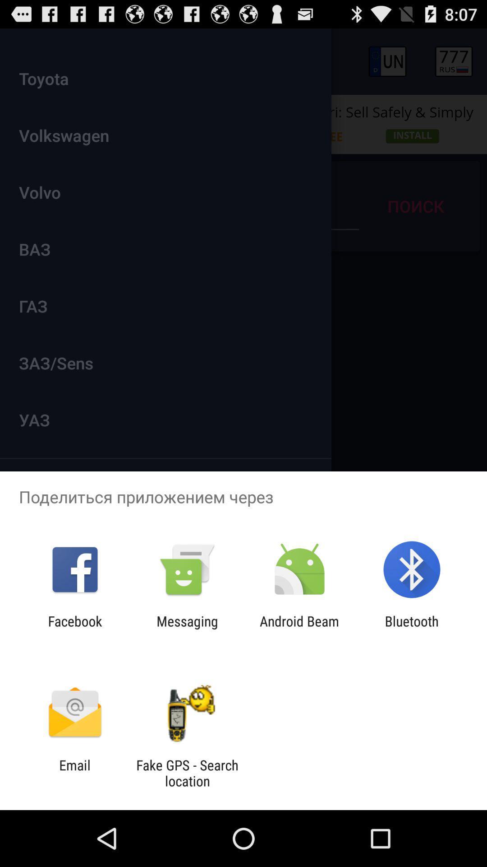 The width and height of the screenshot is (487, 867). What do you see at coordinates (74, 773) in the screenshot?
I see `app to the left of the fake gps search item` at bounding box center [74, 773].